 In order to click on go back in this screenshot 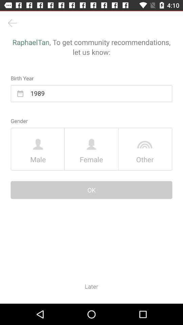, I will do `click(12, 23)`.